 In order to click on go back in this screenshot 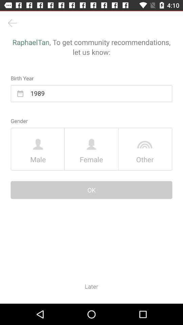, I will do `click(12, 23)`.